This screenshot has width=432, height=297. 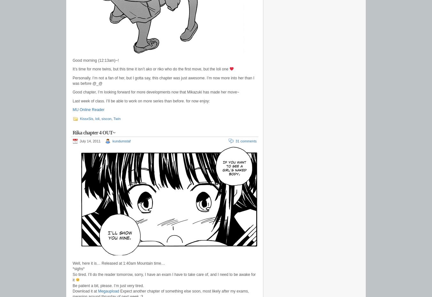 What do you see at coordinates (118, 263) in the screenshot?
I see `'Well, here it is… Released at 1:40am Mountain time…'` at bounding box center [118, 263].